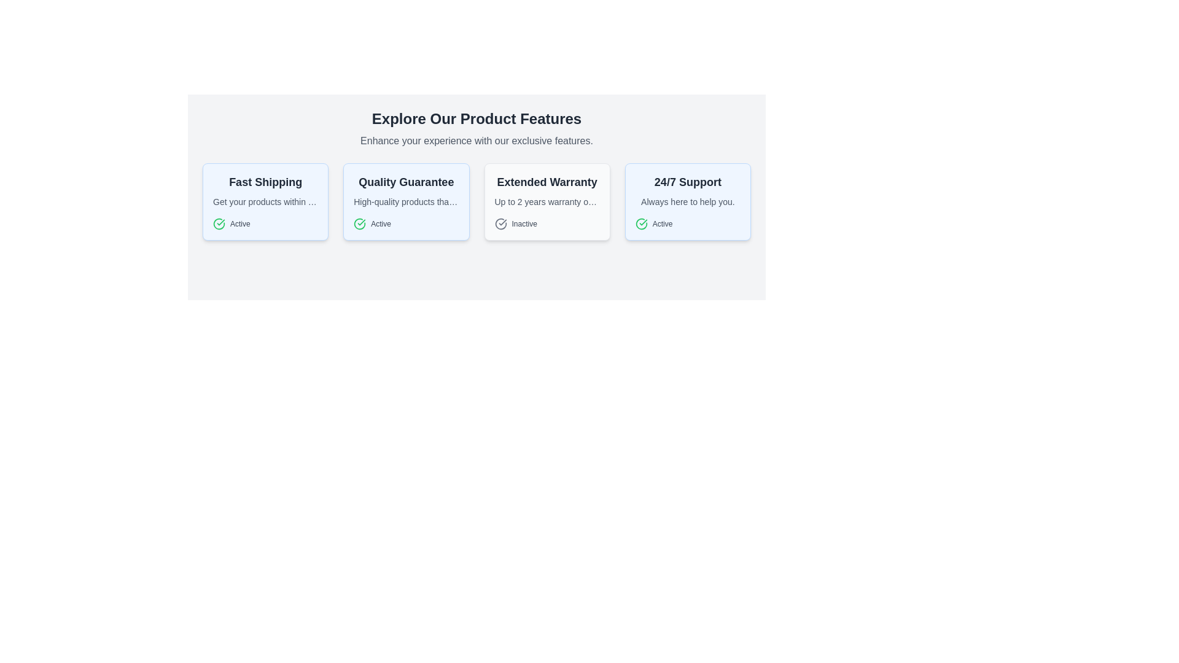 The height and width of the screenshot is (663, 1179). Describe the element at coordinates (265, 201) in the screenshot. I see `the text label providing descriptive information for the 'Fast Shipping' feature, located beneath the title within the second card of a row of four cards` at that location.